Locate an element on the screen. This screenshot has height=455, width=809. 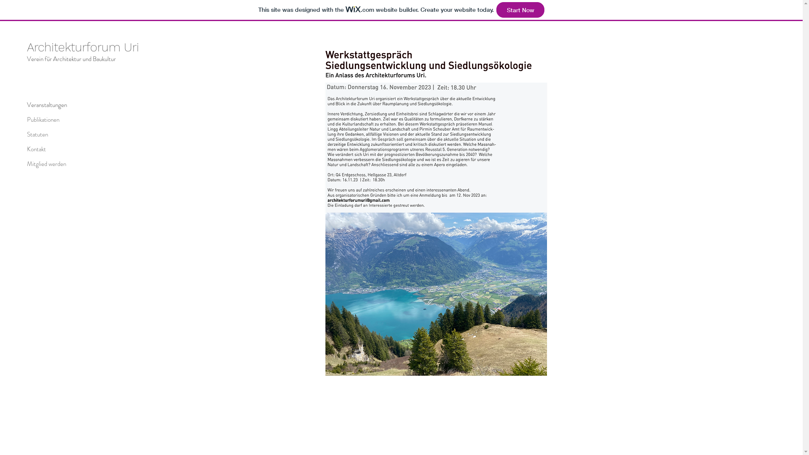
'Kontakt' is located at coordinates (56, 149).